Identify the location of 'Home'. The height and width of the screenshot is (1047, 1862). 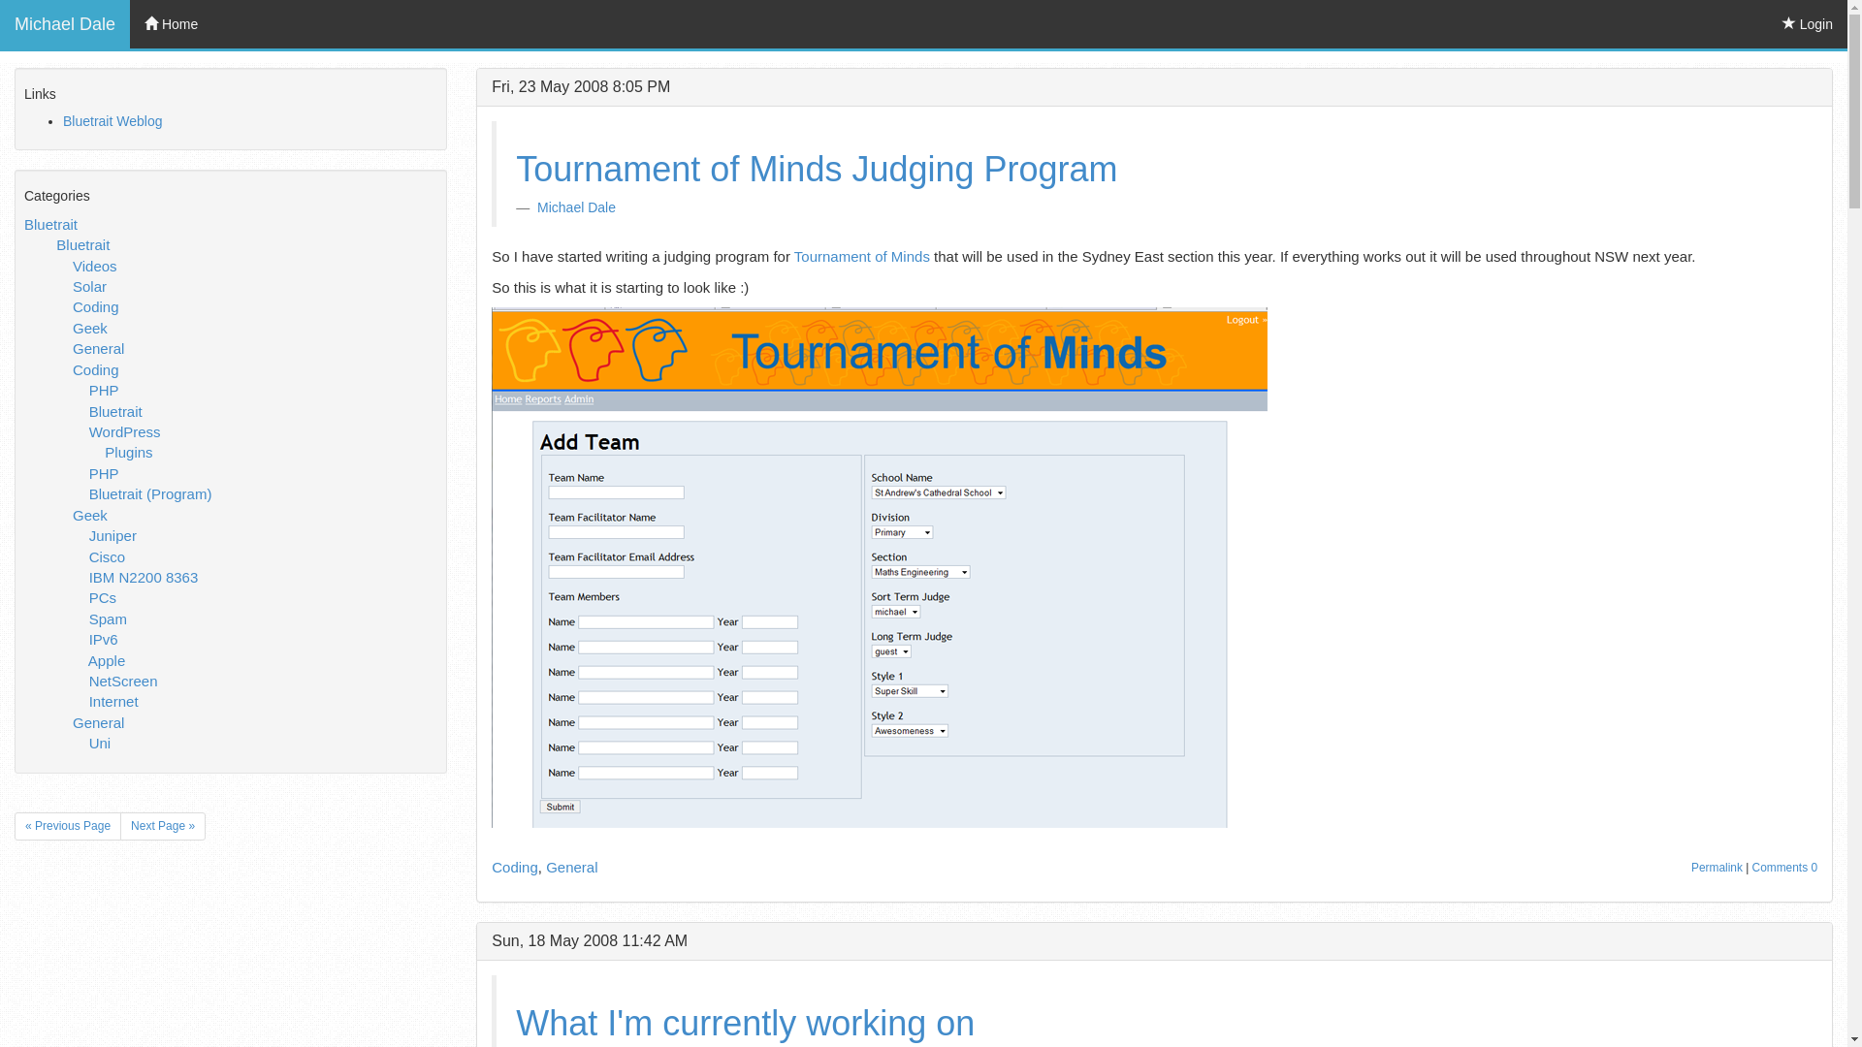
(171, 23).